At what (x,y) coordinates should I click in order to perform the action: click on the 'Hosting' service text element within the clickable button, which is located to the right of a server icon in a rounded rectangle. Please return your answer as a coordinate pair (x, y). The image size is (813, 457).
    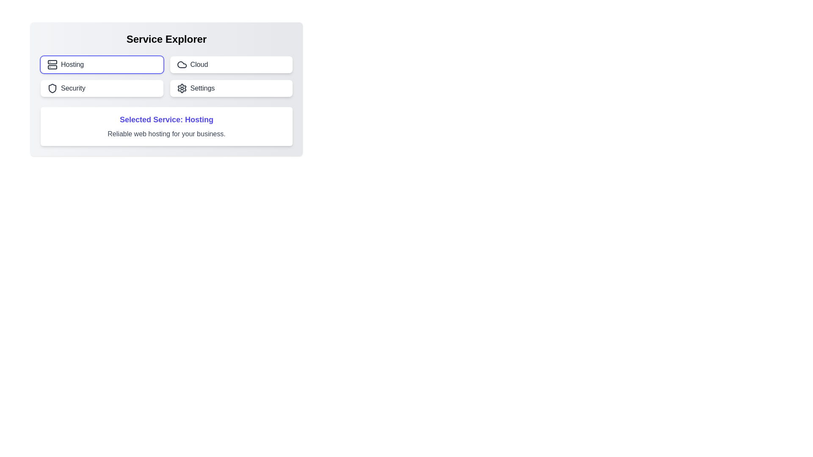
    Looking at the image, I should click on (72, 64).